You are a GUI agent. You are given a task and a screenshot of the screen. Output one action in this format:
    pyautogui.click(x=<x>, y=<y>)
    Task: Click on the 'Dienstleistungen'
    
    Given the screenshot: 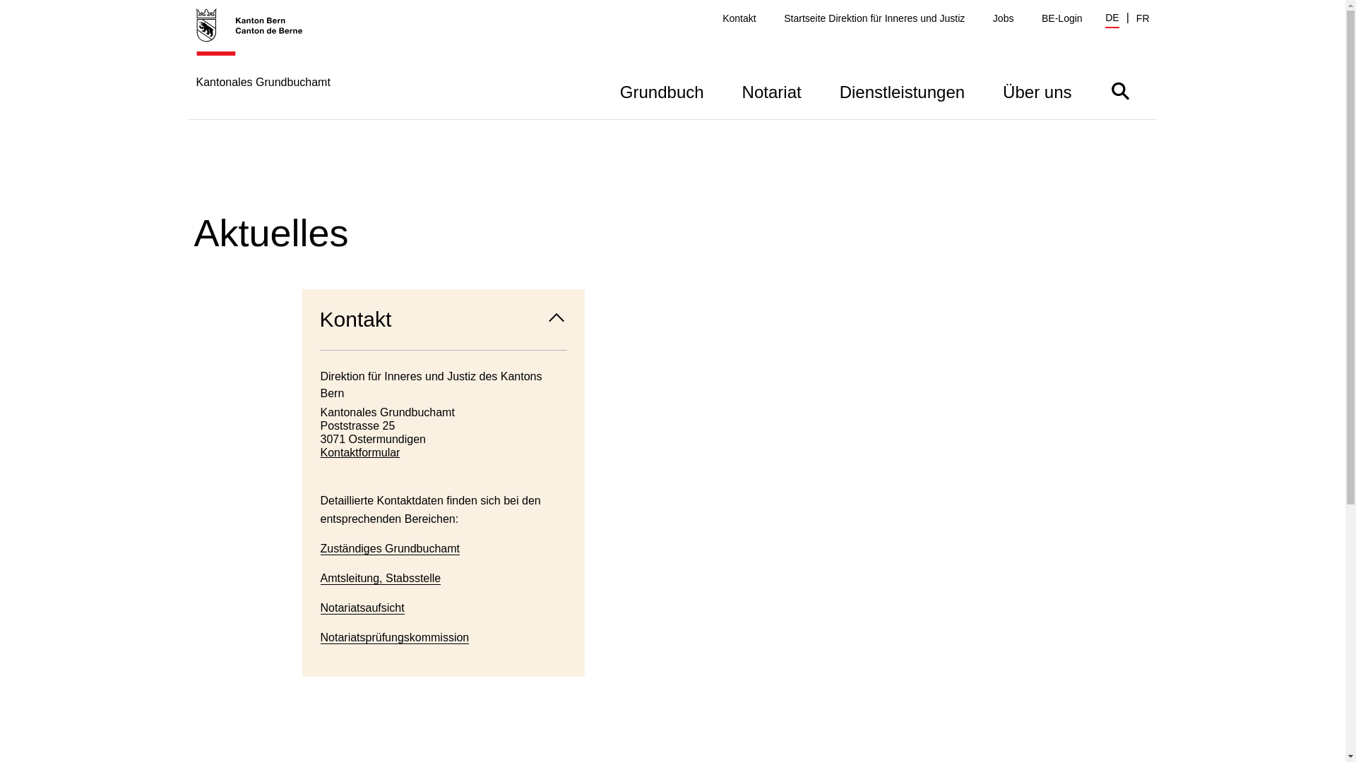 What is the action you would take?
    pyautogui.click(x=820, y=90)
    